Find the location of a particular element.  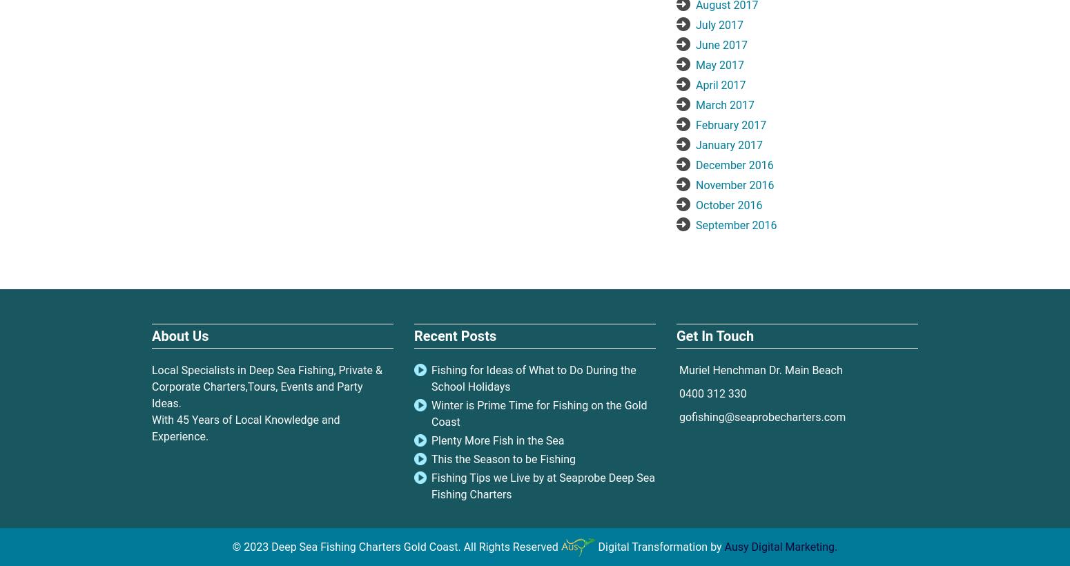

'July 2017' is located at coordinates (694, 23).